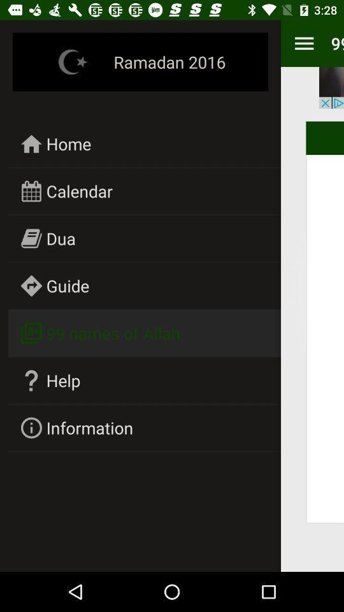 This screenshot has width=344, height=612. I want to click on item above the allah item, so click(331, 87).